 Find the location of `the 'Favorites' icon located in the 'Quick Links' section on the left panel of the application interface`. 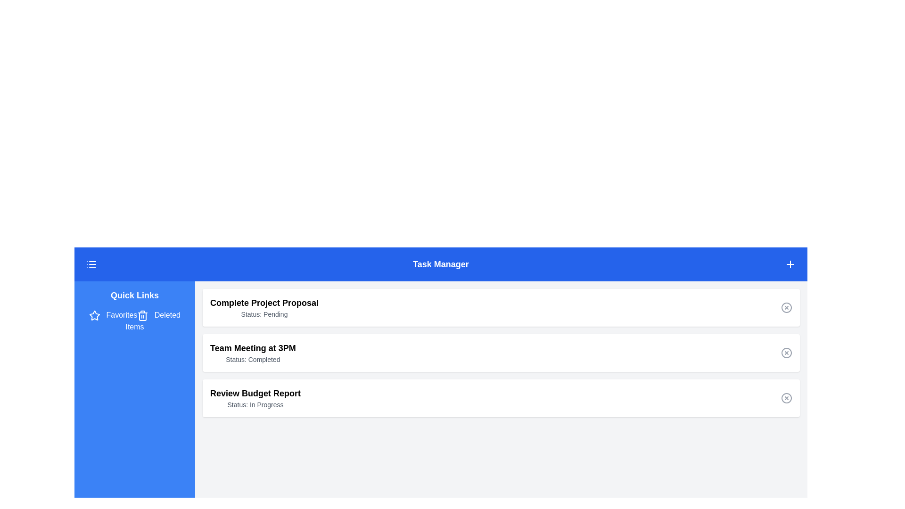

the 'Favorites' icon located in the 'Quick Links' section on the left panel of the application interface is located at coordinates (95, 315).